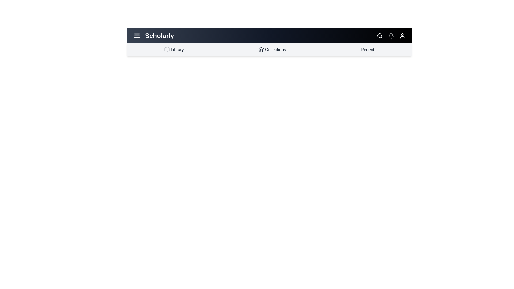 Image resolution: width=514 pixels, height=289 pixels. Describe the element at coordinates (174, 50) in the screenshot. I see `the 'Library' link in the navigation bar` at that location.